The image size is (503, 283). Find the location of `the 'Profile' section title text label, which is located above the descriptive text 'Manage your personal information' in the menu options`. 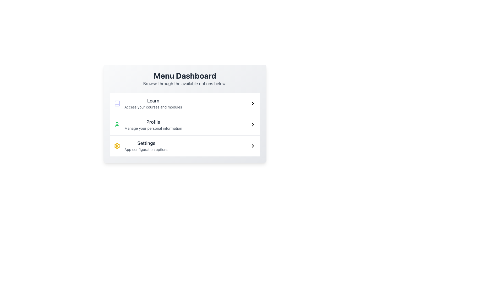

the 'Profile' section title text label, which is located above the descriptive text 'Manage your personal information' in the menu options is located at coordinates (153, 122).